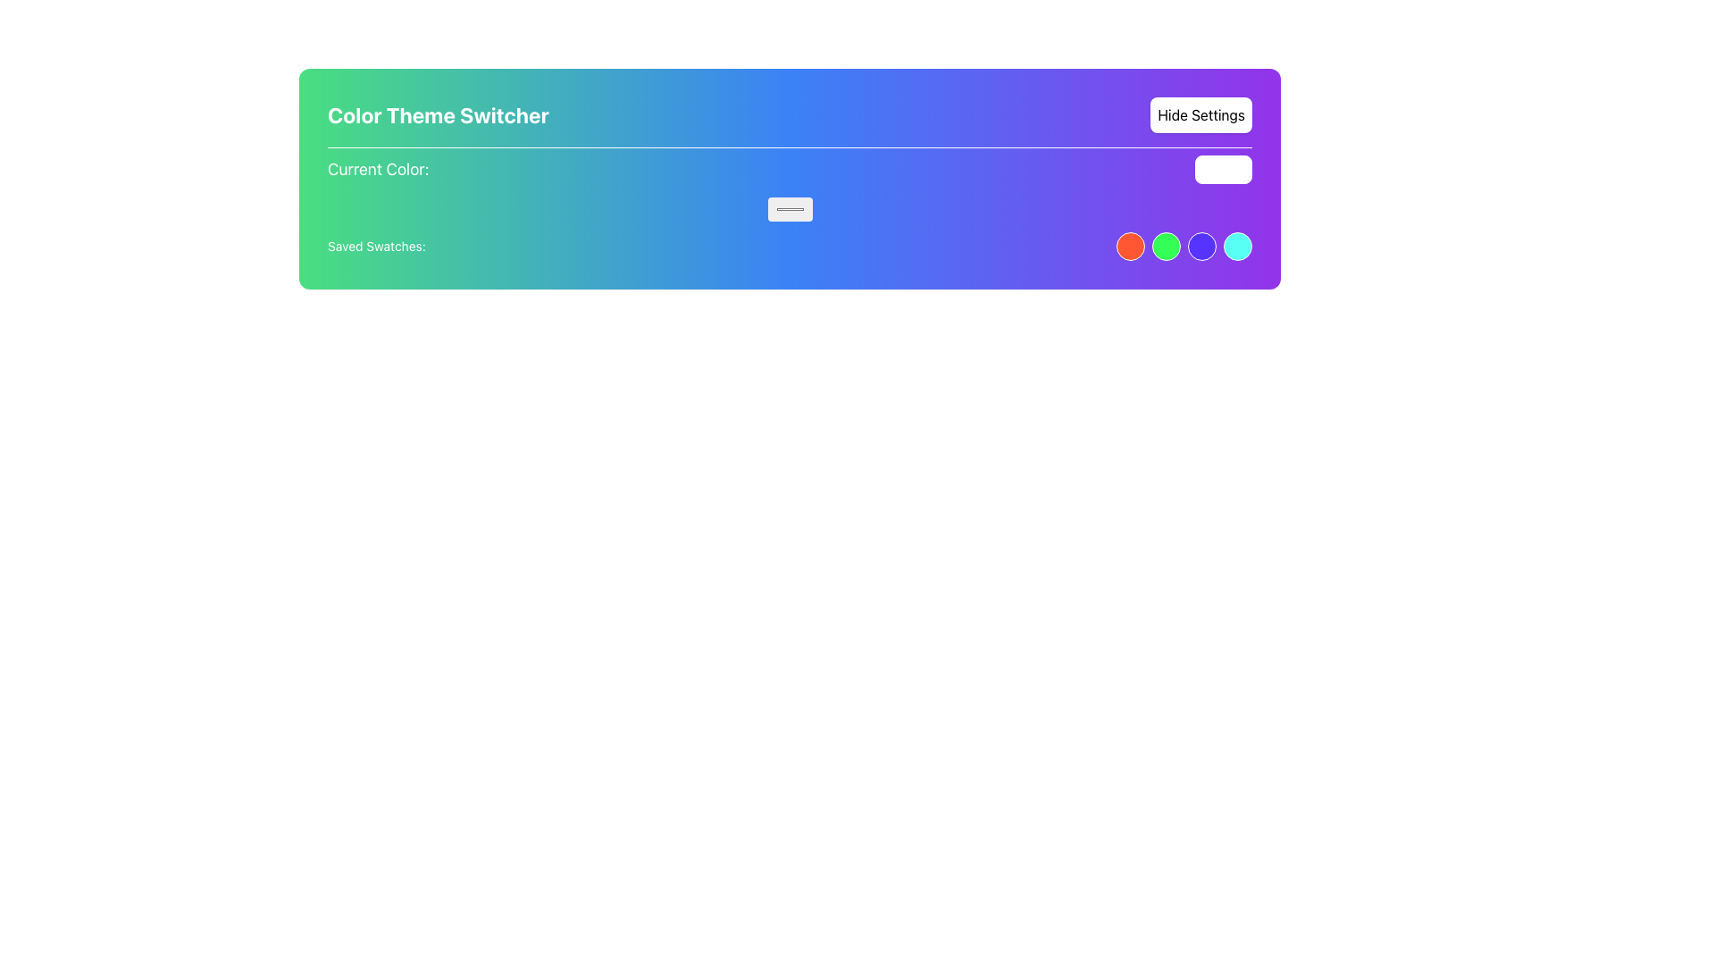 Image resolution: width=1715 pixels, height=965 pixels. Describe the element at coordinates (438, 114) in the screenshot. I see `the static text element displaying 'Color Theme Switcher' which is bold and large, located in the header section of the interface` at that location.